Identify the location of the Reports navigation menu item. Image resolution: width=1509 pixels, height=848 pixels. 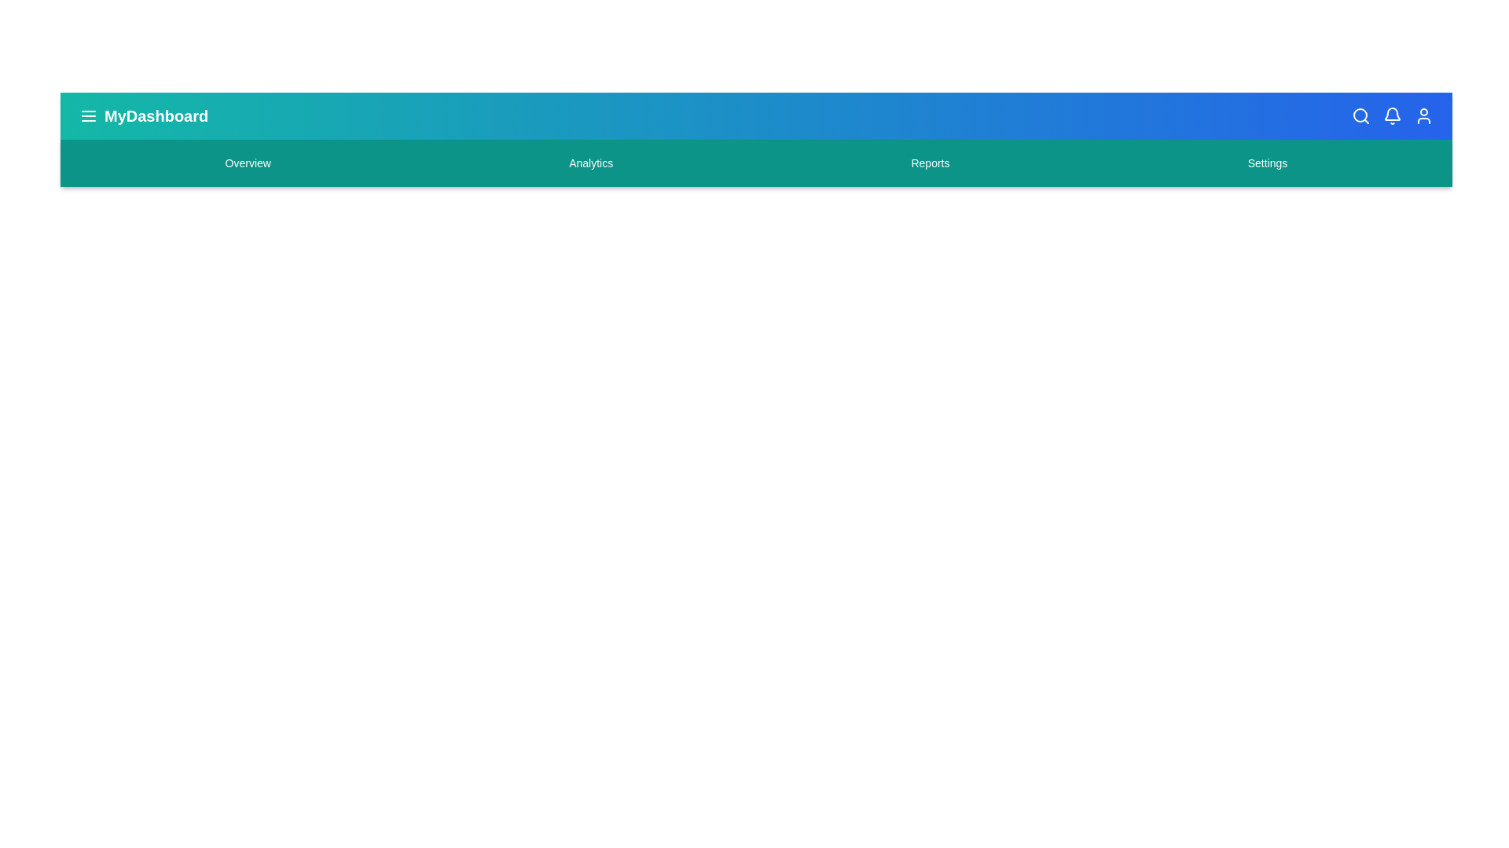
(931, 163).